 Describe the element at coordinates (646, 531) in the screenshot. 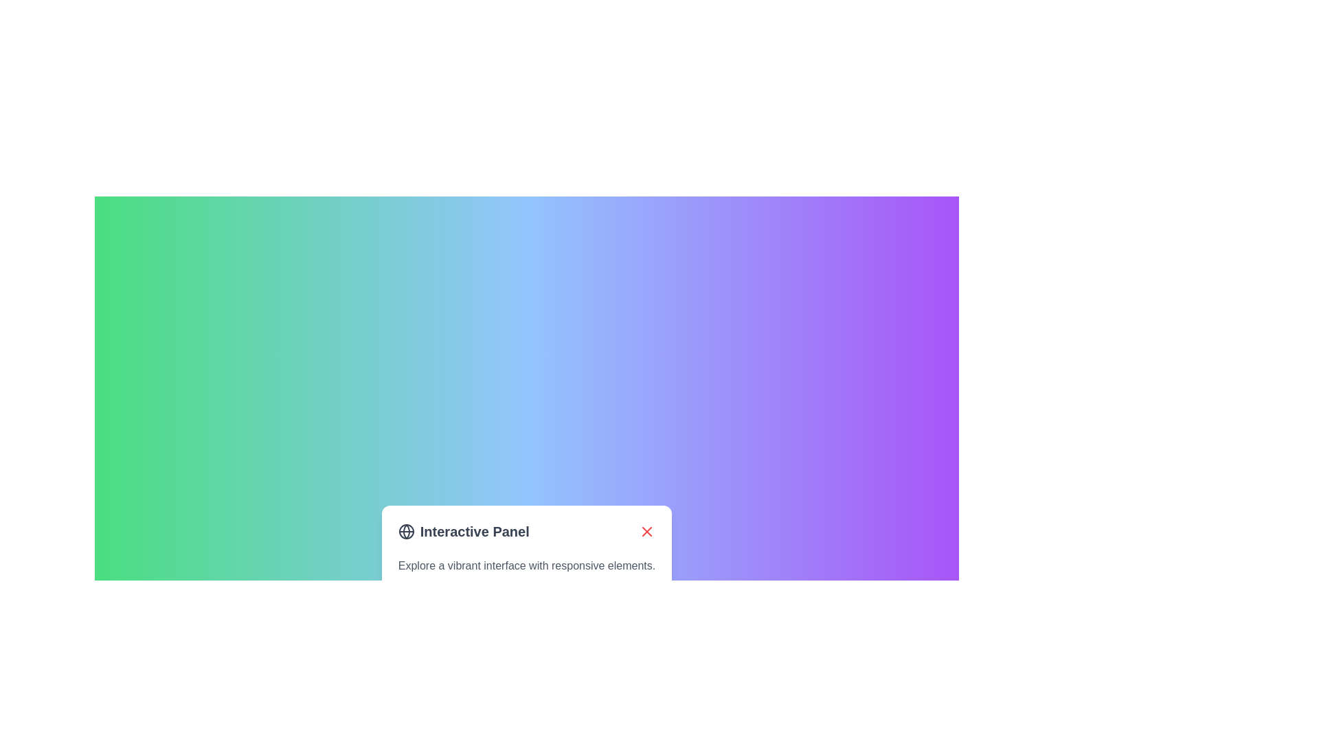

I see `the red 'X' close button located at the far right of the 'Interactive Panel' header for accessibility navigation` at that location.